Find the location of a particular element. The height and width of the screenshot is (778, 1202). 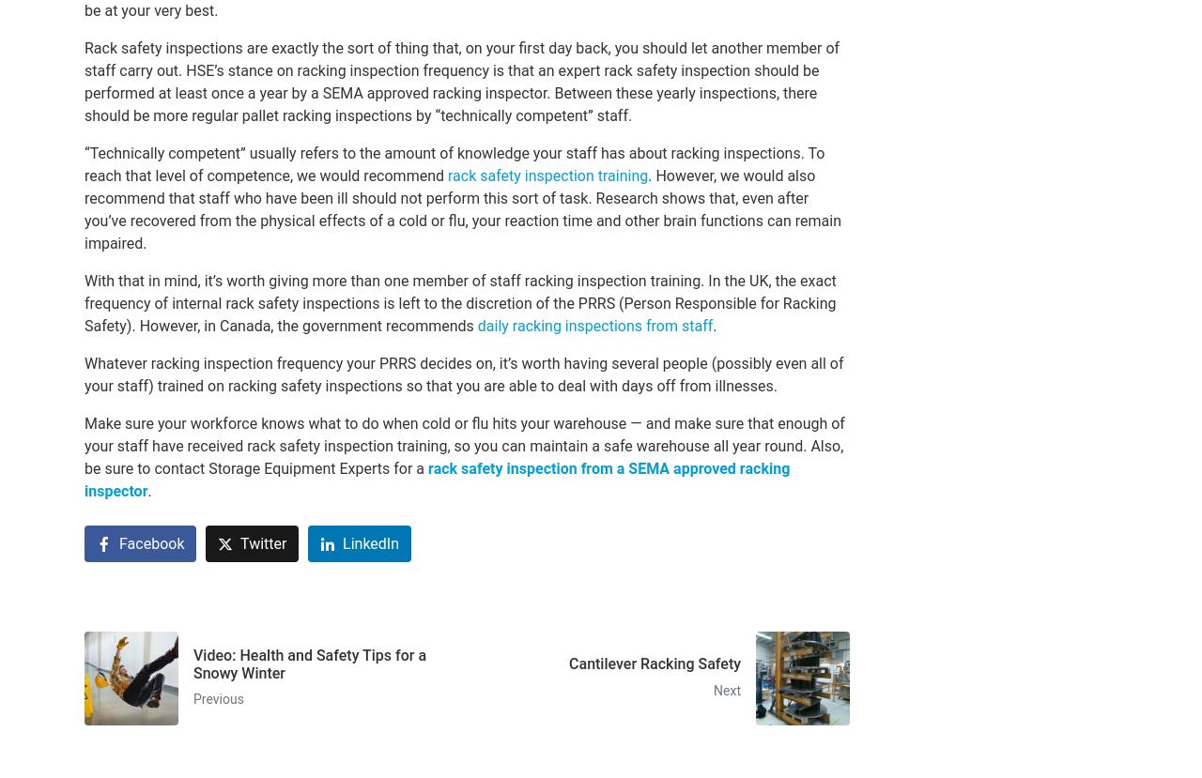

'Video: Health and Safety Tips for a Snowy Winter' is located at coordinates (309, 664).